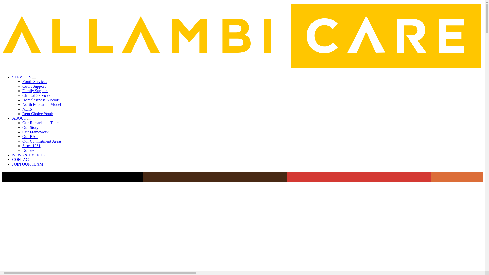  Describe the element at coordinates (22, 141) in the screenshot. I see `'Our Commitment Areas'` at that location.